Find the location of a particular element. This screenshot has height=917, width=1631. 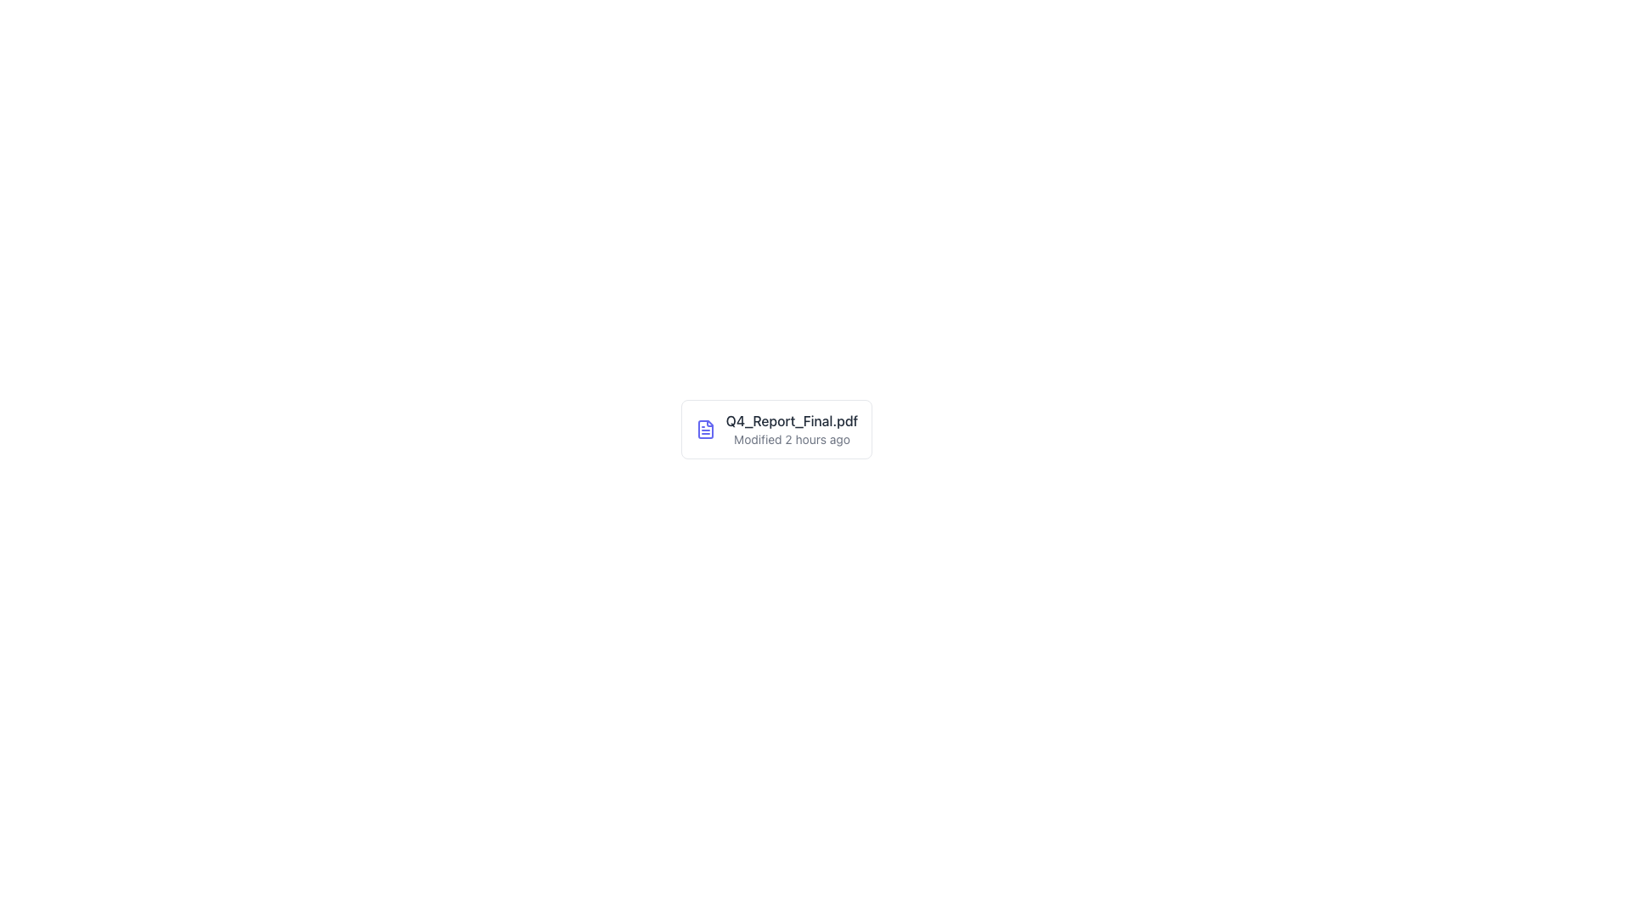

the blue document icon representing 'Q4_Report_Final.pdf' is located at coordinates (705, 428).